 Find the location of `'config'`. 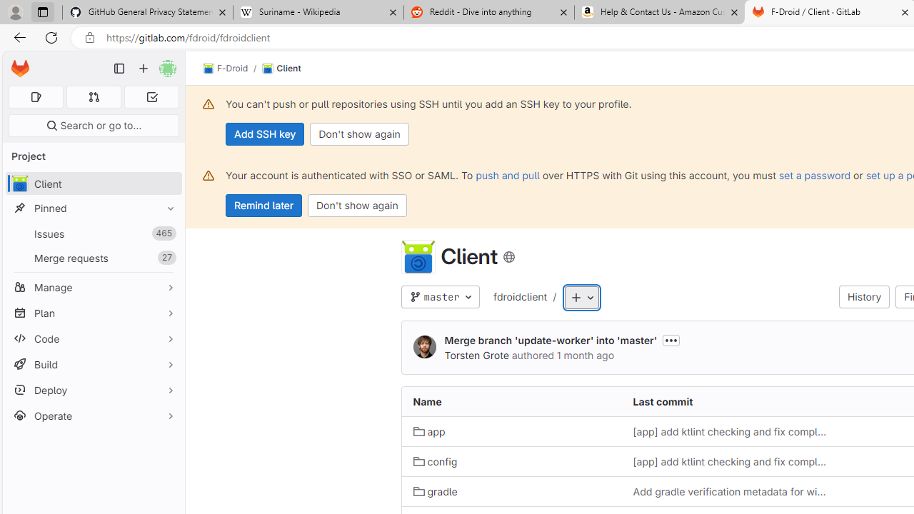

'config' is located at coordinates (434, 461).